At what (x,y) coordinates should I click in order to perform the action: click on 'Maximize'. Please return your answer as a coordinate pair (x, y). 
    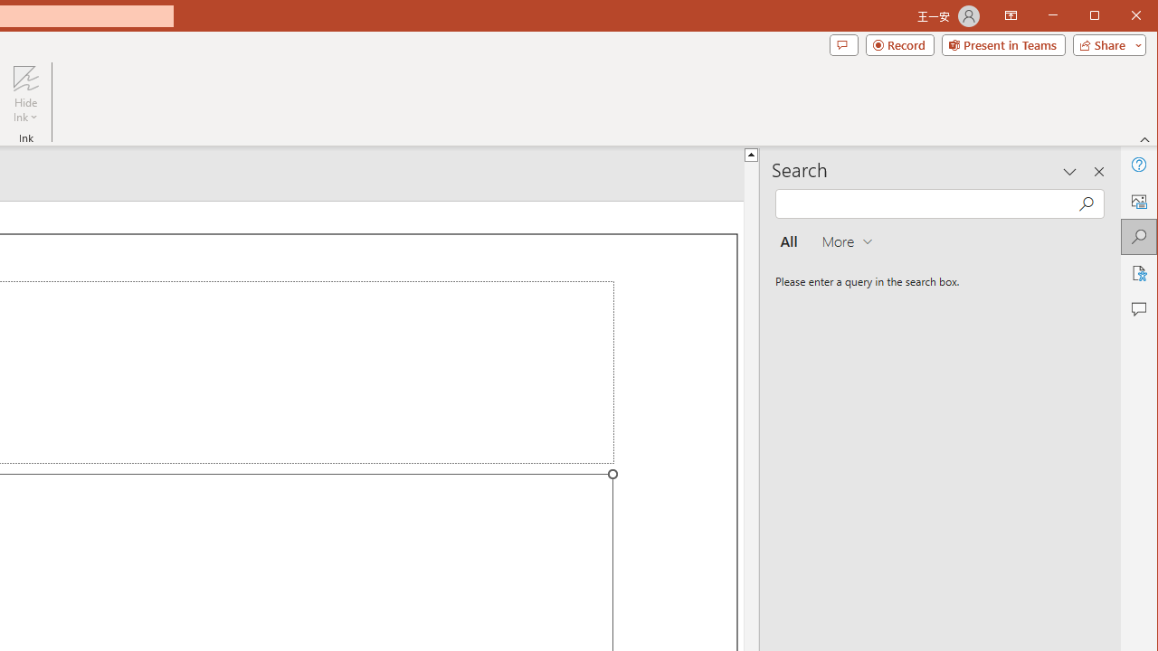
    Looking at the image, I should click on (1120, 17).